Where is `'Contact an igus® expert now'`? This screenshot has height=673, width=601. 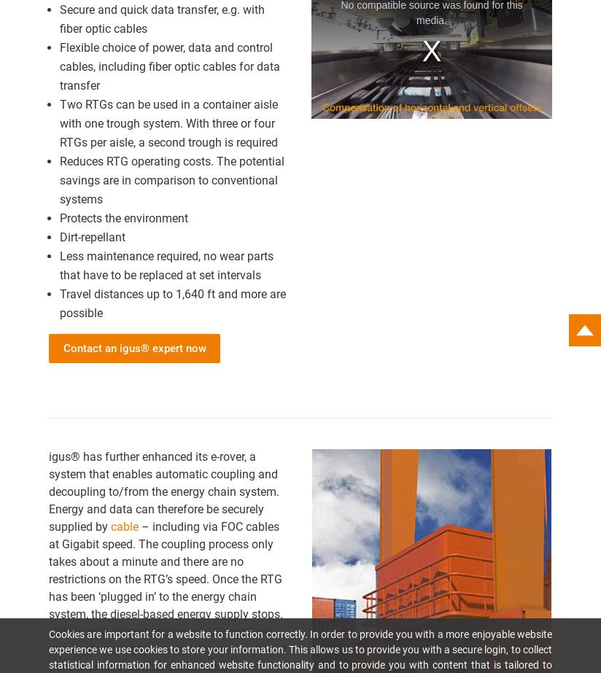 'Contact an igus® expert now' is located at coordinates (62, 347).